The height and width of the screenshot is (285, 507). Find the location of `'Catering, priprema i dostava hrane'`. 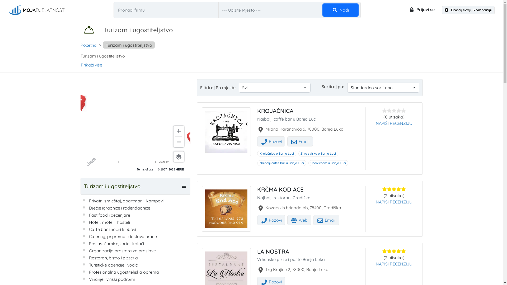

'Catering, priprema i dostava hrane' is located at coordinates (122, 236).